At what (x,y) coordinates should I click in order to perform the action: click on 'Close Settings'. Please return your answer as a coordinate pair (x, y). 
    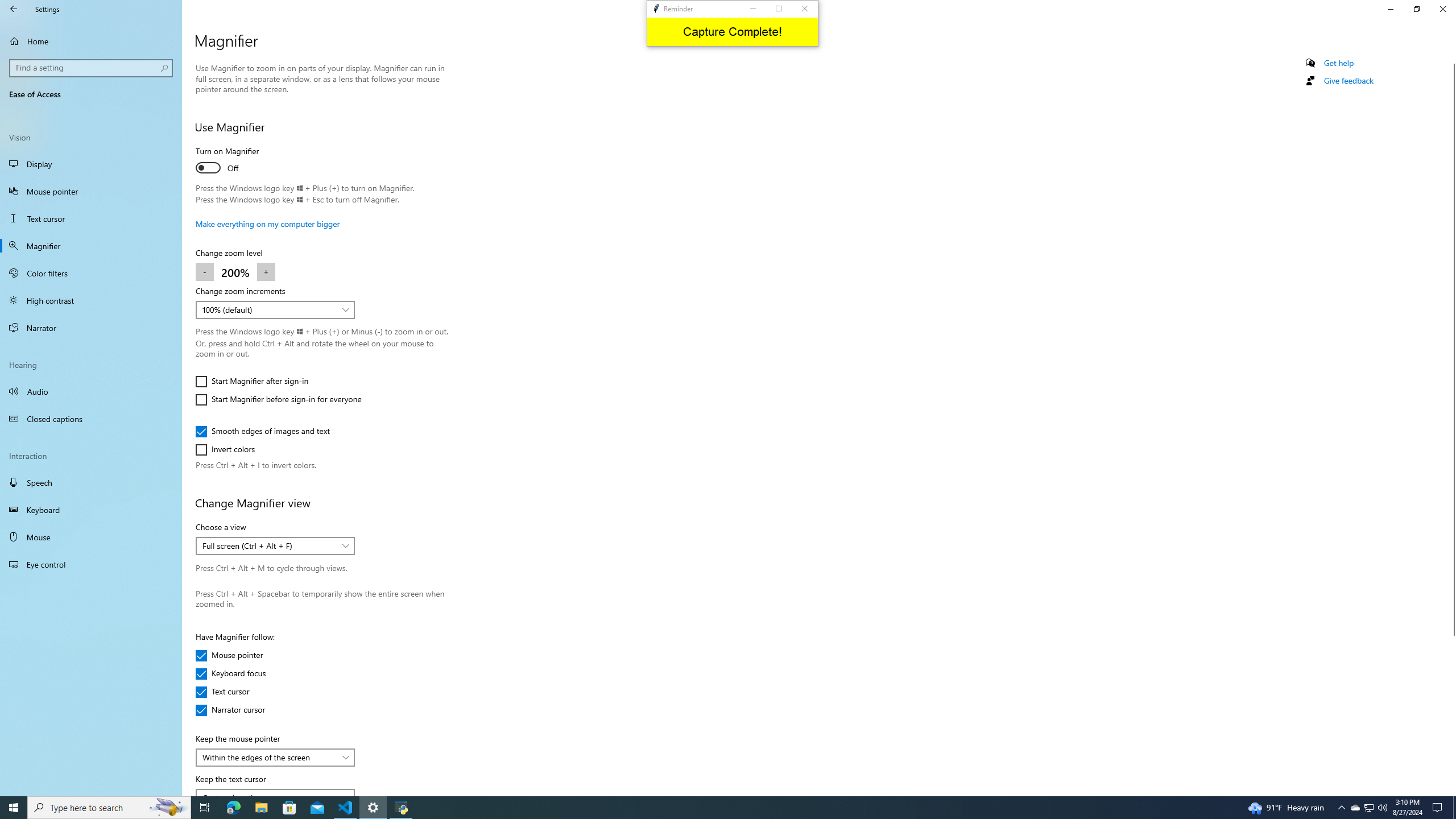
    Looking at the image, I should click on (1442, 9).